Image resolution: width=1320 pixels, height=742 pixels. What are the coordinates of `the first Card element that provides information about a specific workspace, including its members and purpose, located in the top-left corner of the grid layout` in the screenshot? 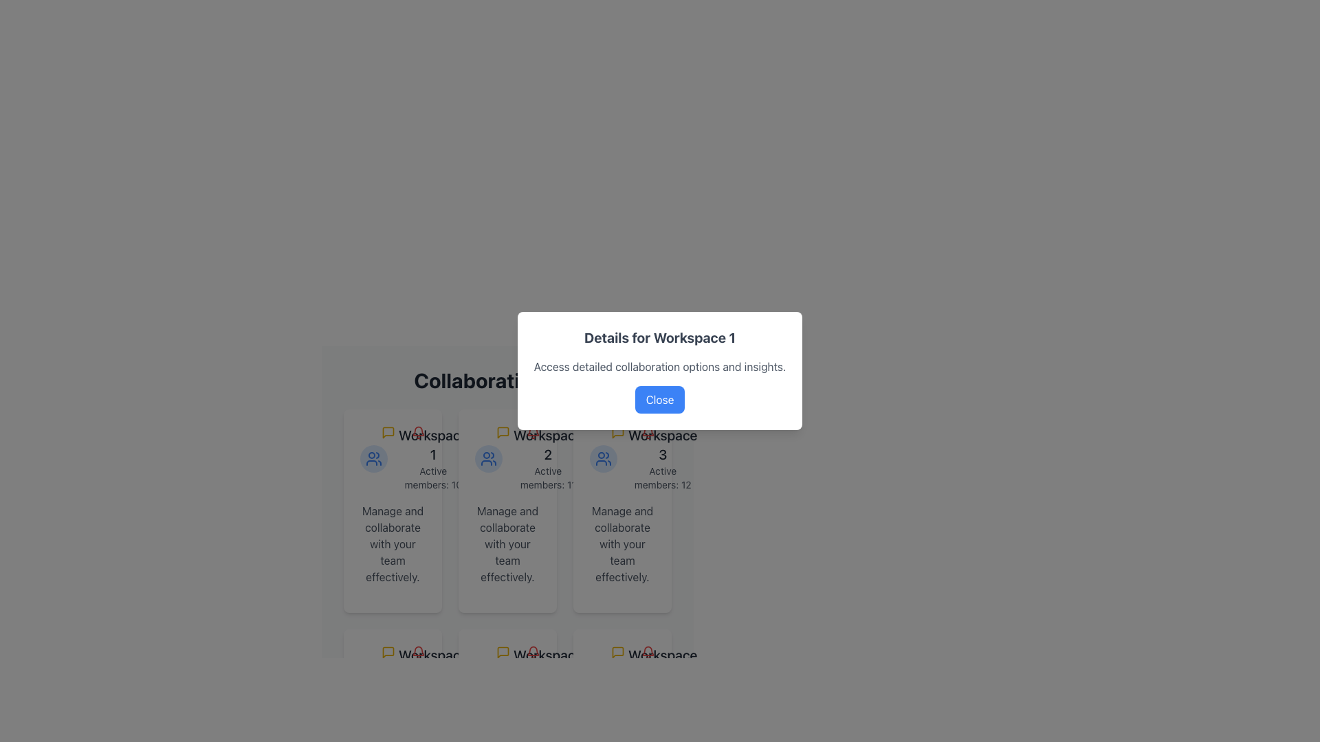 It's located at (392, 511).